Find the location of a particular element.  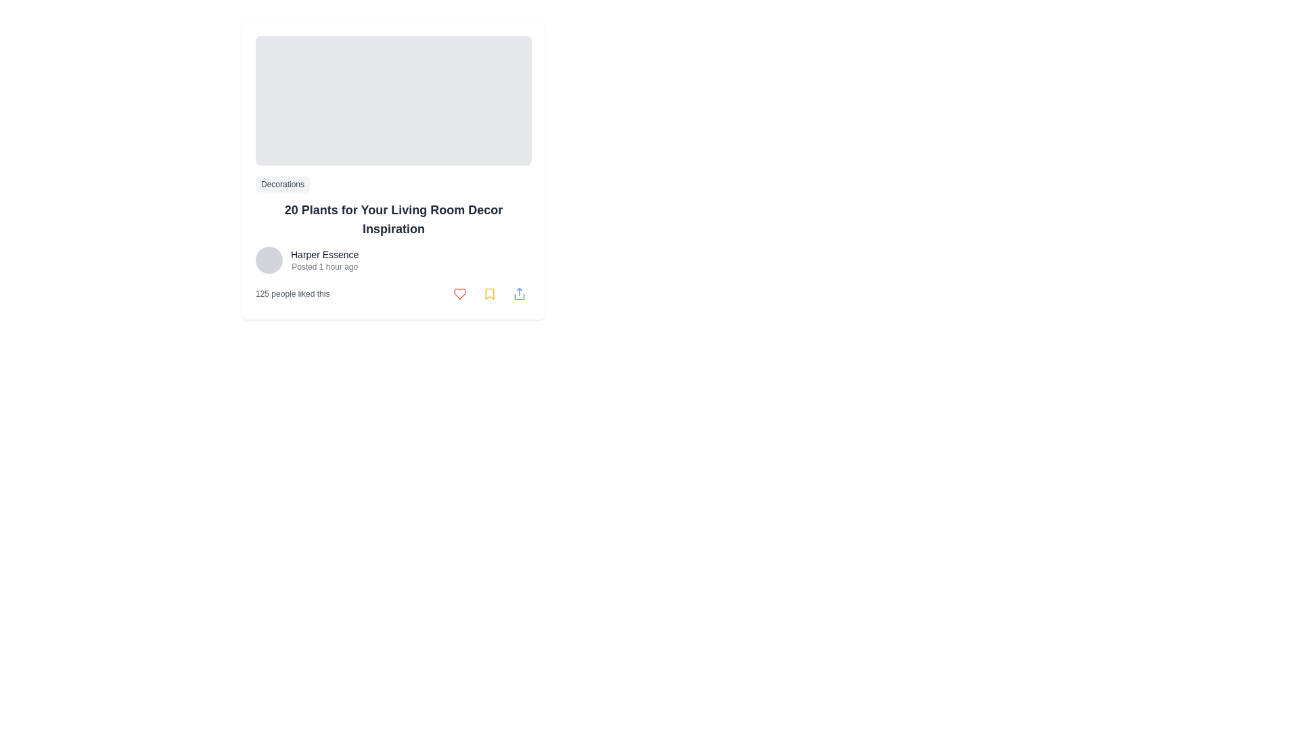

the graphical bookmark icon resembling a ribbon or flag located at the bottom of the content card, which is the third icon from the left among interactive icons is located at coordinates (489, 293).